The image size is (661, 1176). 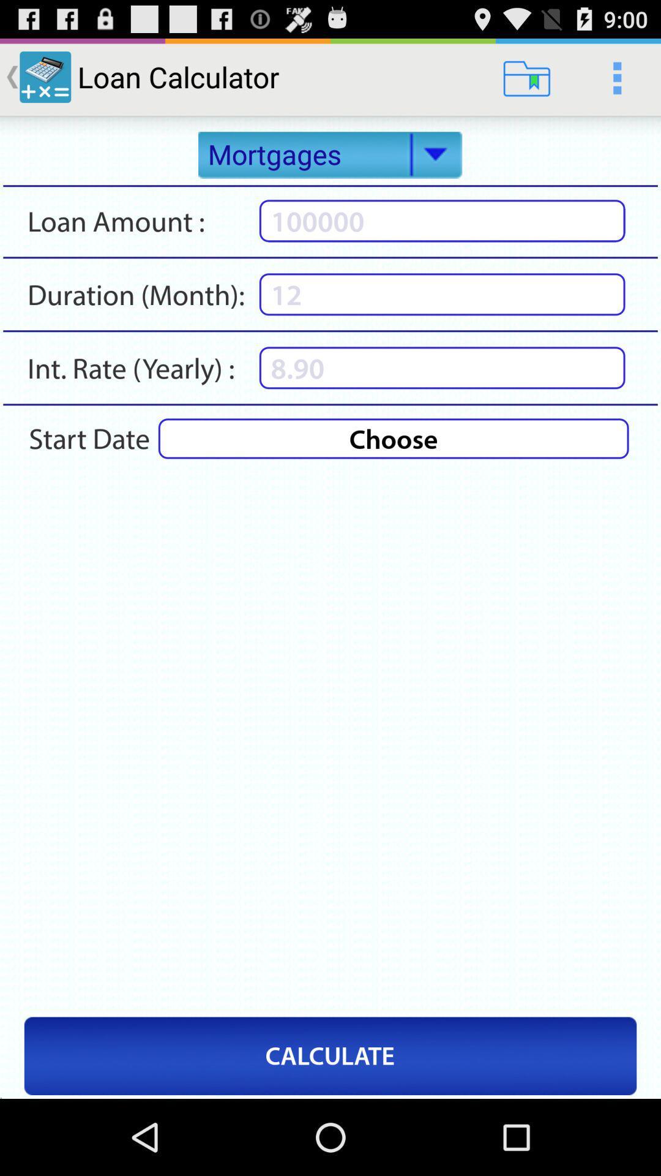 I want to click on rate, so click(x=442, y=367).